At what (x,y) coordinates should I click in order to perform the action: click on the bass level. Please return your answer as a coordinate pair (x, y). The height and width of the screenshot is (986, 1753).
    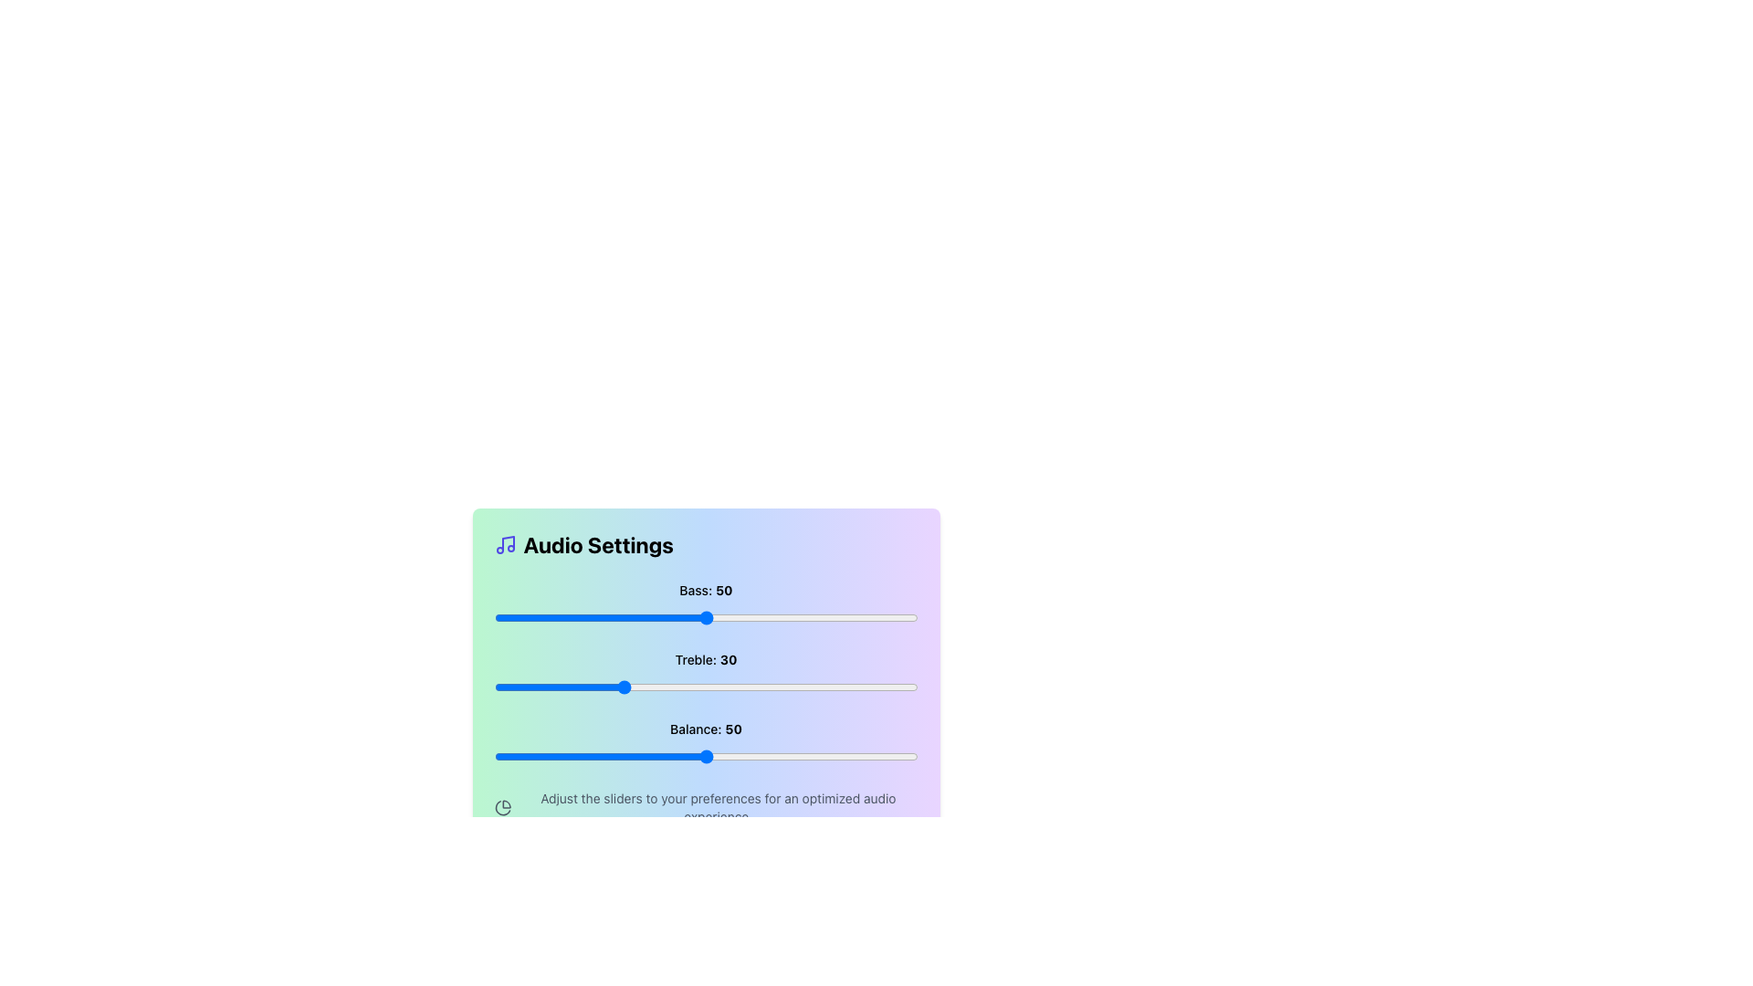
    Looking at the image, I should click on (655, 617).